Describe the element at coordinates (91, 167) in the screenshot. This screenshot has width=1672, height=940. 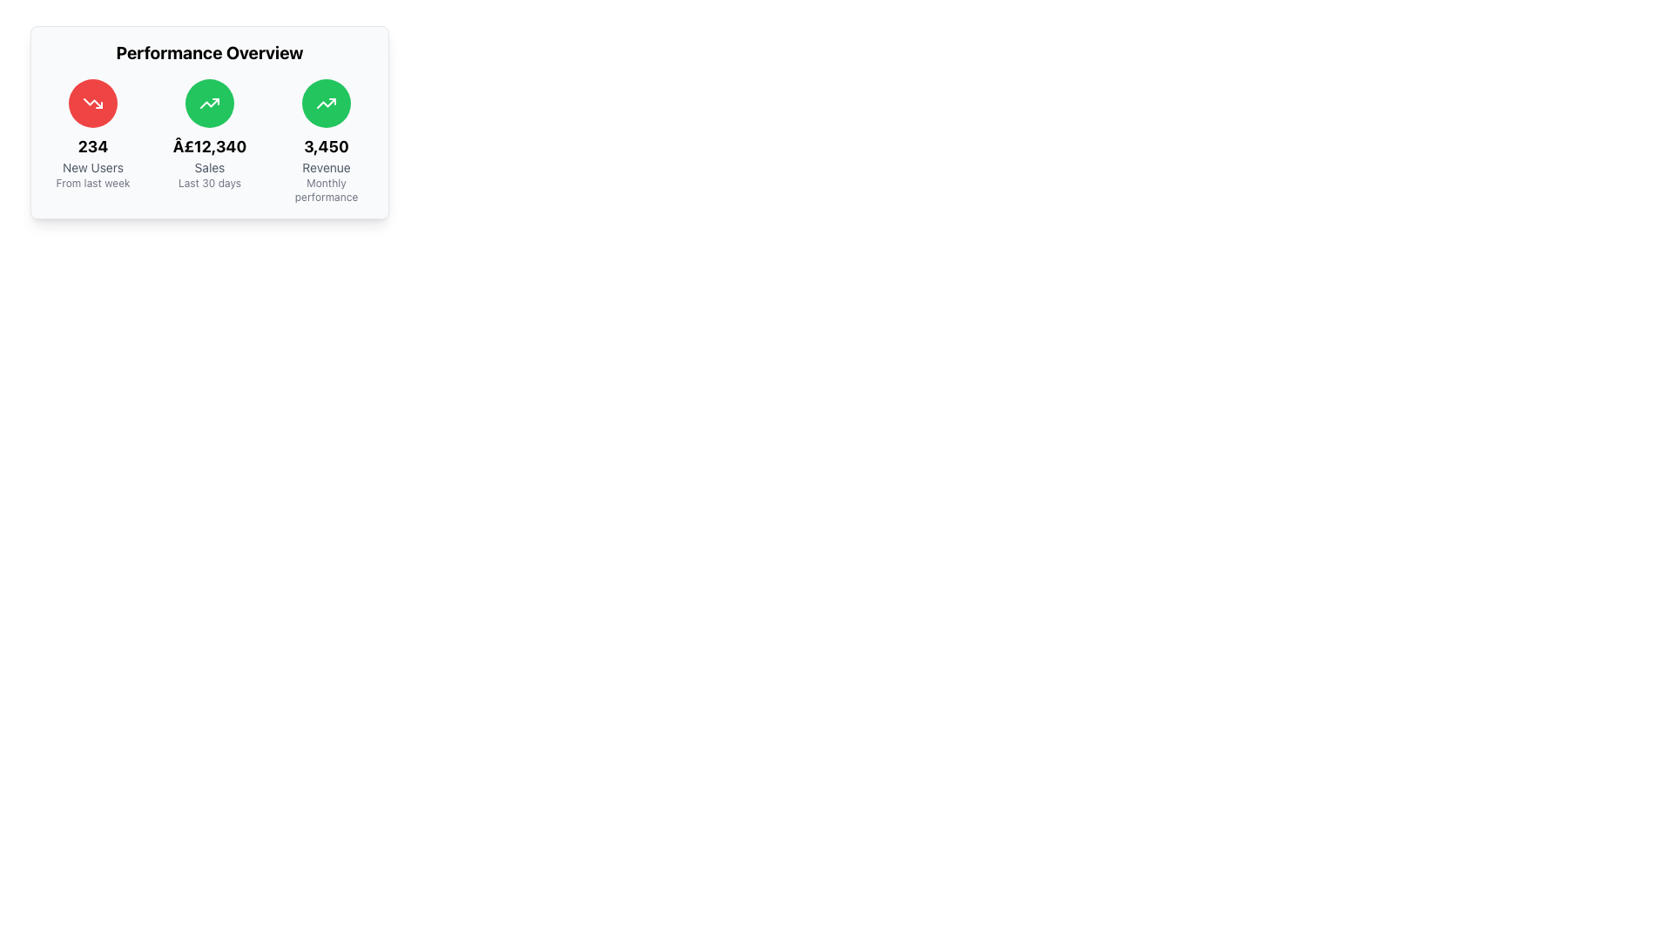
I see `the second text label that provides contextual information for the numeric value '234', positioned directly below it and above the smaller gray text 'From last week'` at that location.